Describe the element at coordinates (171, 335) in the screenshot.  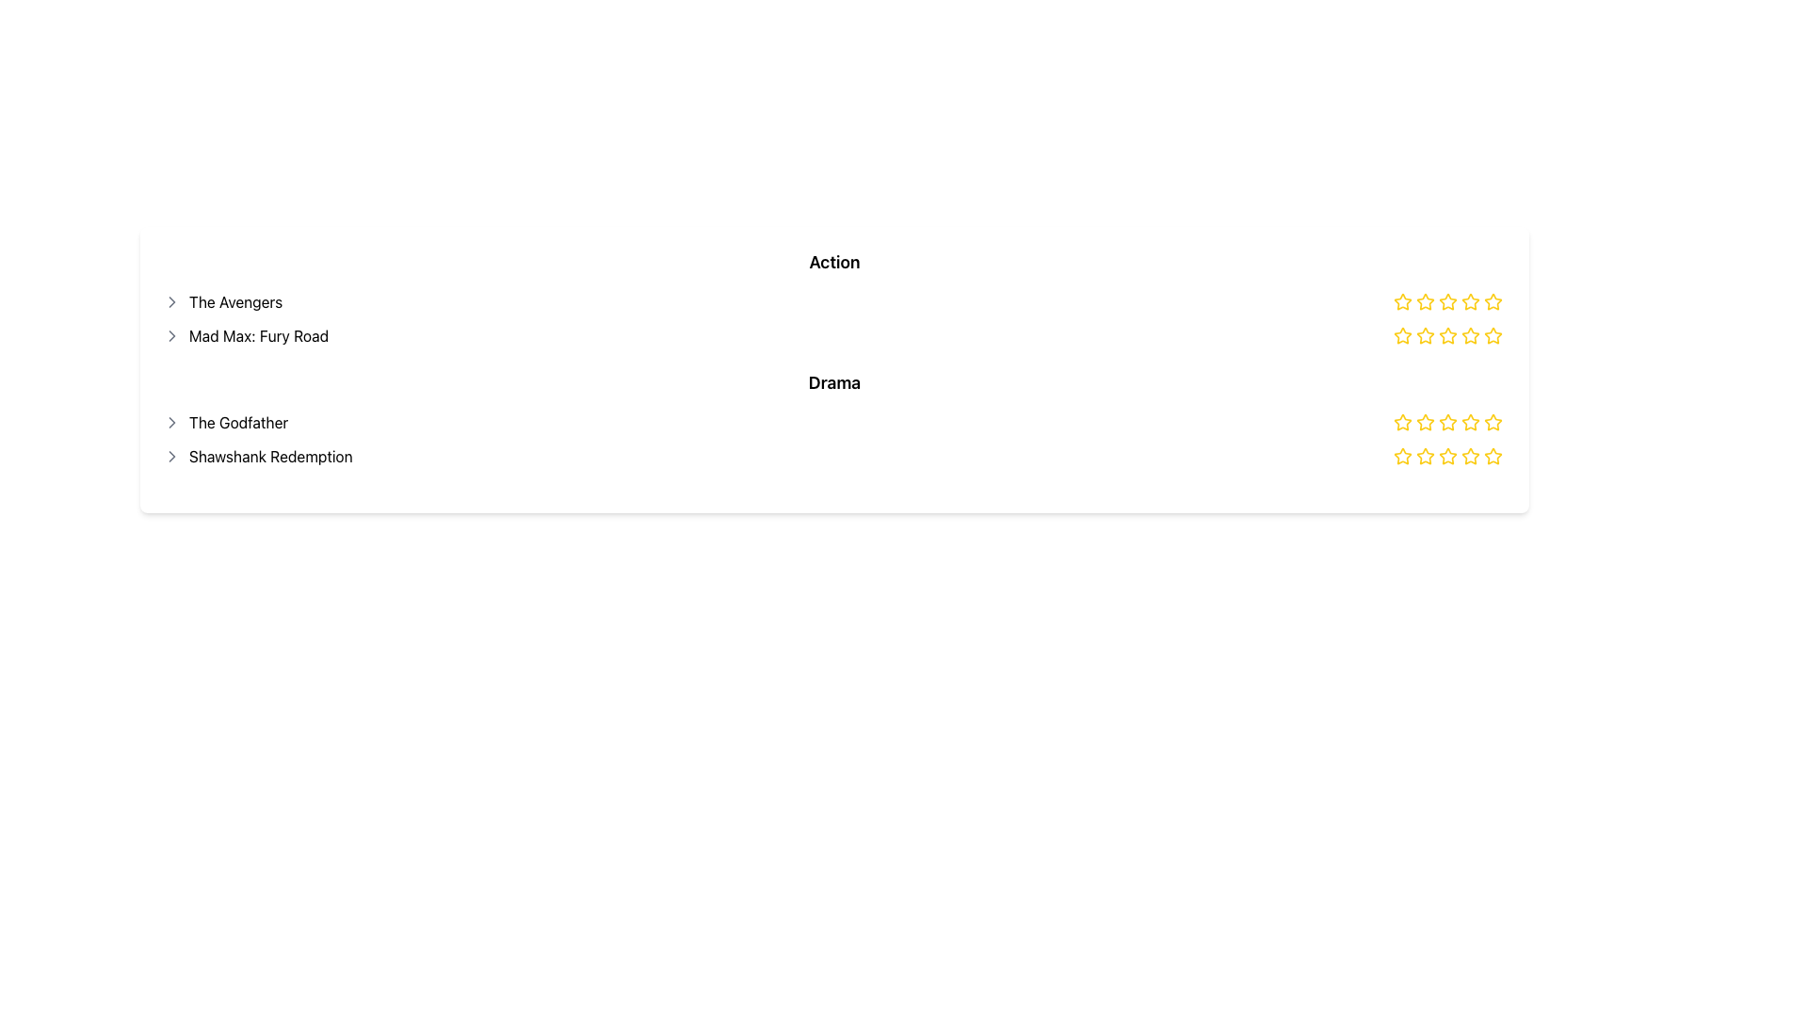
I see `the arrow icon located to the left of the text 'Mad Max: Fury Road'` at that location.